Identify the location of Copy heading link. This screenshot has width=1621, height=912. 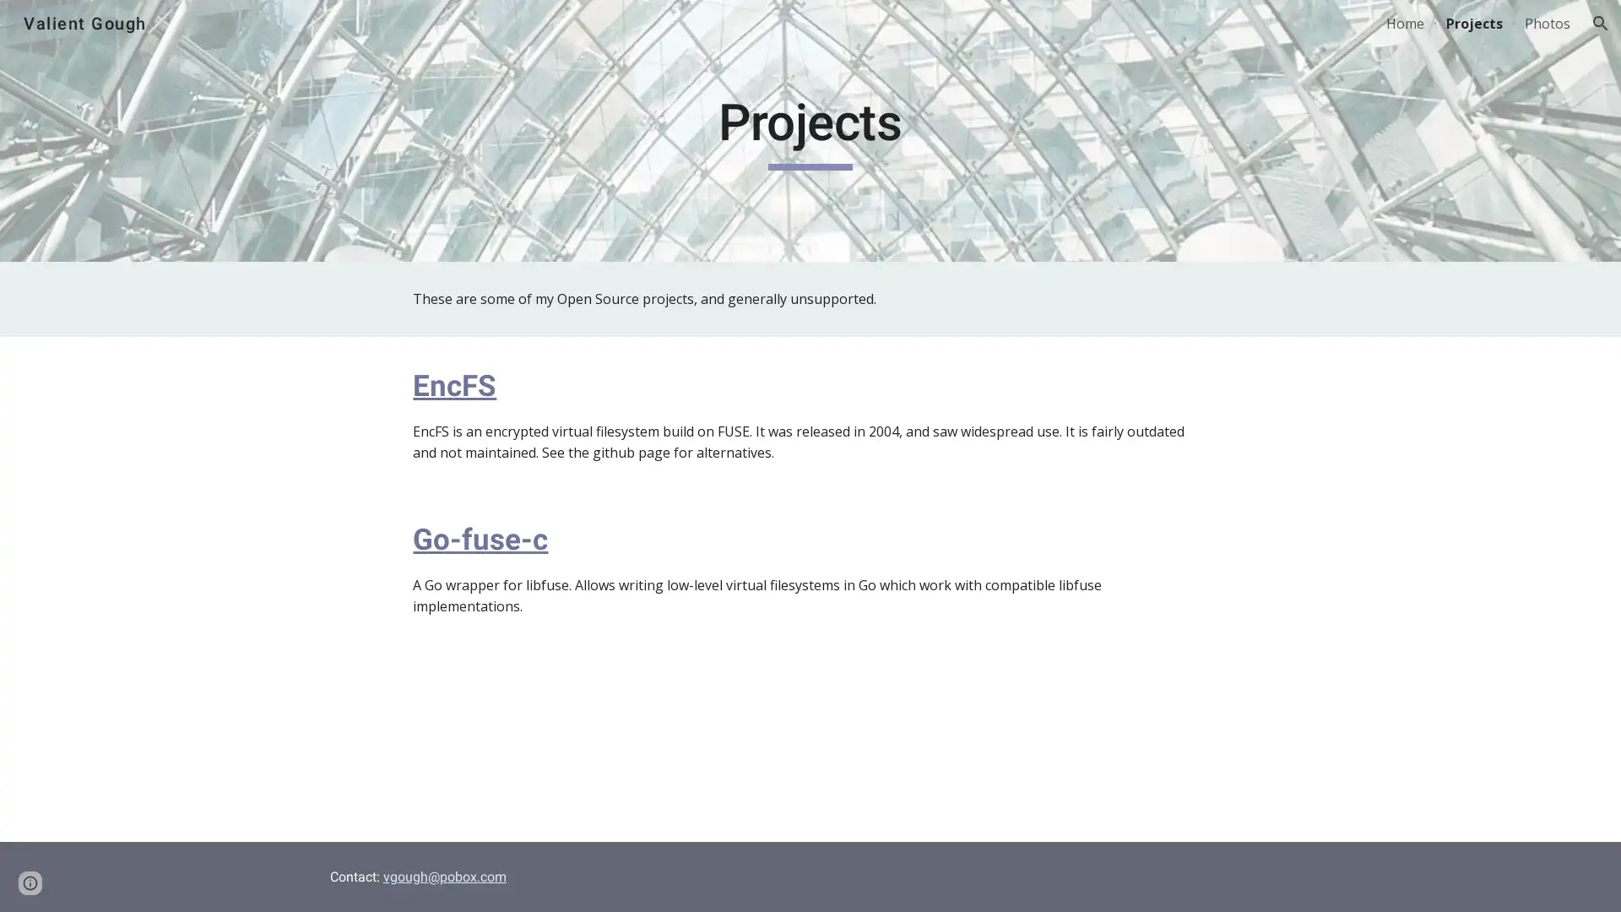
(514, 384).